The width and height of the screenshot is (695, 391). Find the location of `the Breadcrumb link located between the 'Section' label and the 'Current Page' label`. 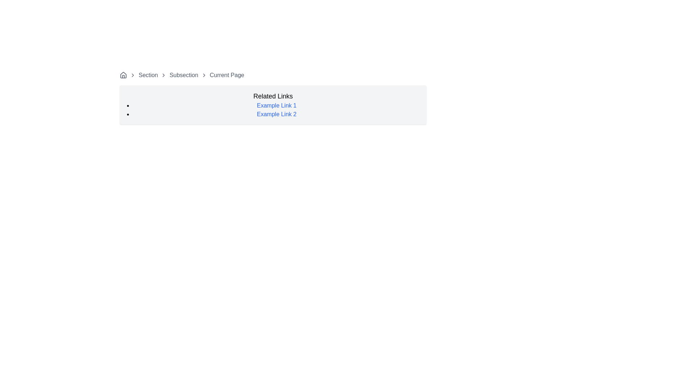

the Breadcrumb link located between the 'Section' label and the 'Current Page' label is located at coordinates (184, 75).